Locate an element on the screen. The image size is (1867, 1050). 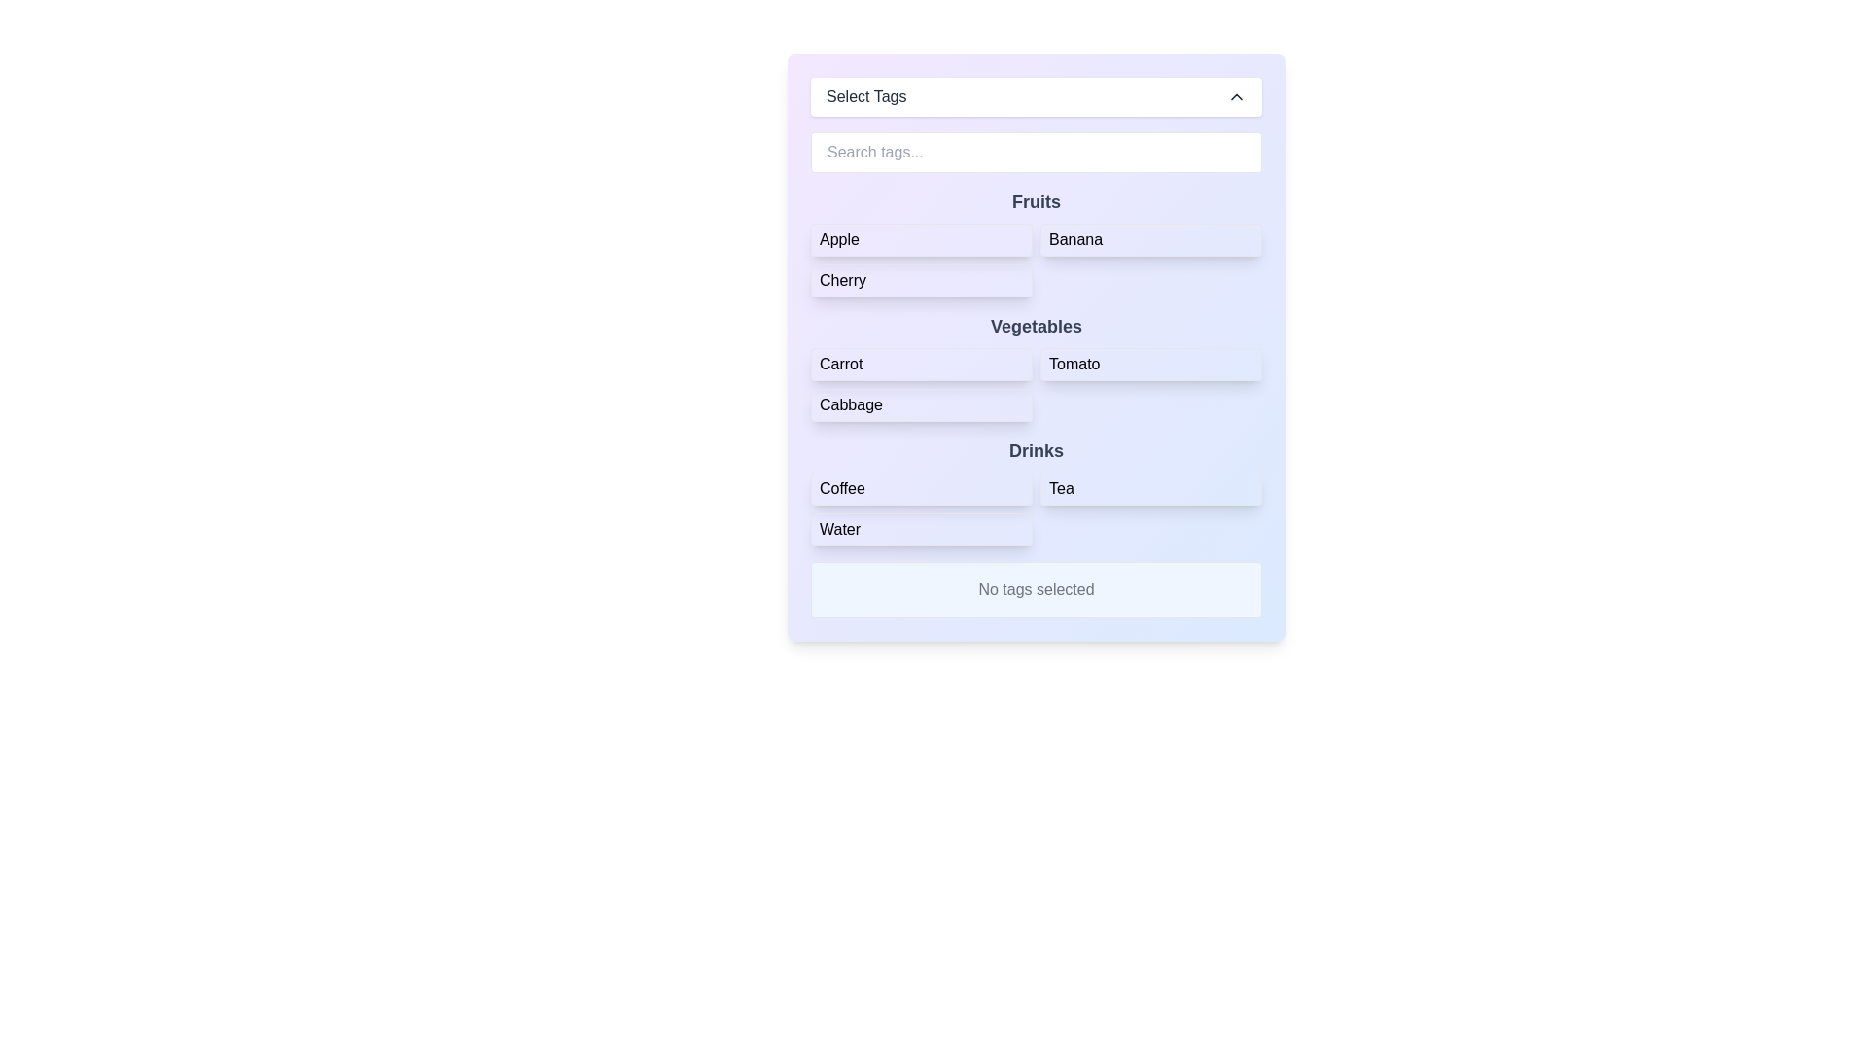
the 'Tomato' label in the 'Vegetables' section is located at coordinates (1074, 364).